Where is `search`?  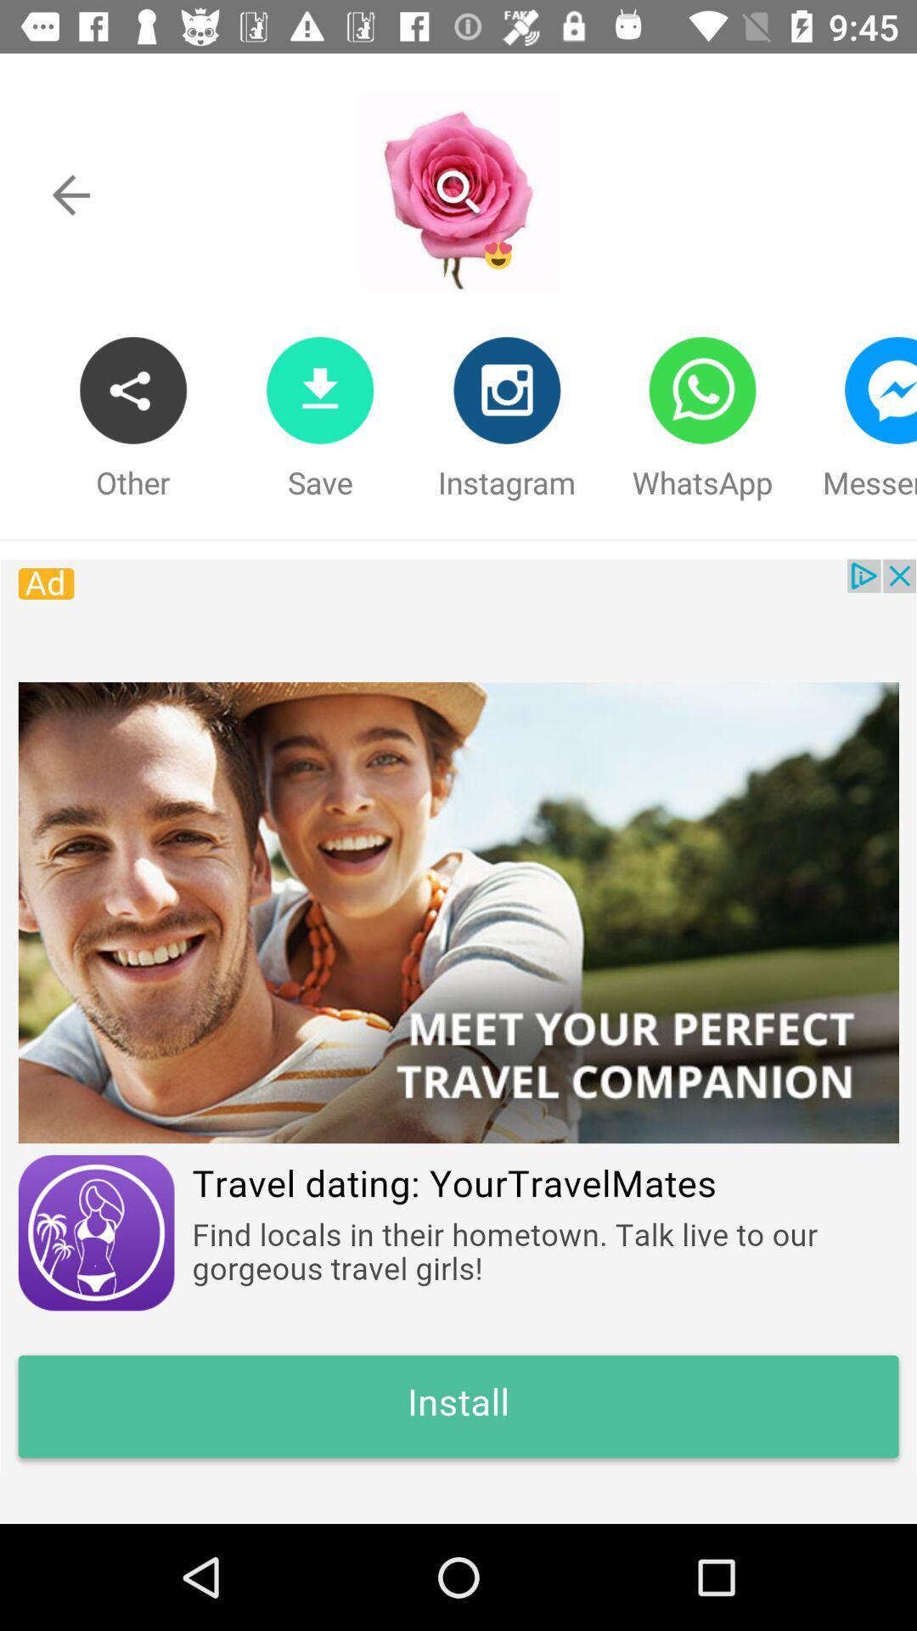 search is located at coordinates (457, 192).